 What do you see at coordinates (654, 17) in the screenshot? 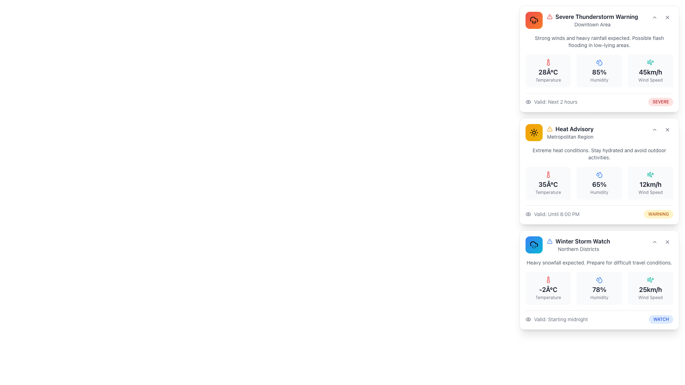
I see `the chevron down icon located in the top right corner of the 'Severe Thunderstorm Warning' card` at bounding box center [654, 17].